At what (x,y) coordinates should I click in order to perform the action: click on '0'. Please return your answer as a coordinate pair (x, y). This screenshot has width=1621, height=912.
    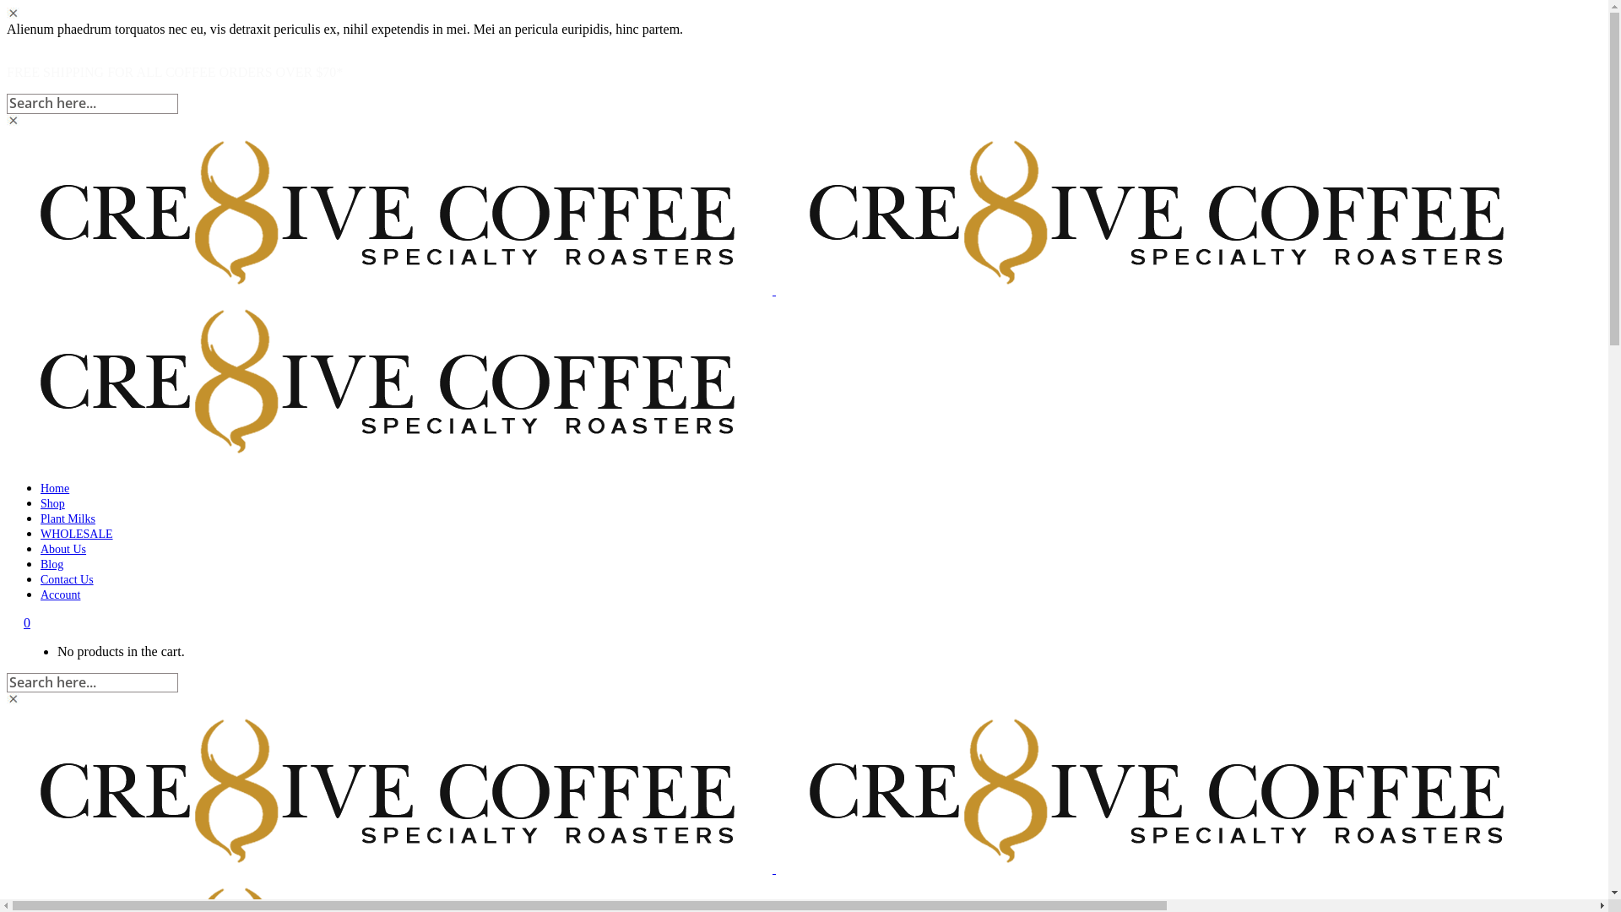
    Looking at the image, I should click on (27, 622).